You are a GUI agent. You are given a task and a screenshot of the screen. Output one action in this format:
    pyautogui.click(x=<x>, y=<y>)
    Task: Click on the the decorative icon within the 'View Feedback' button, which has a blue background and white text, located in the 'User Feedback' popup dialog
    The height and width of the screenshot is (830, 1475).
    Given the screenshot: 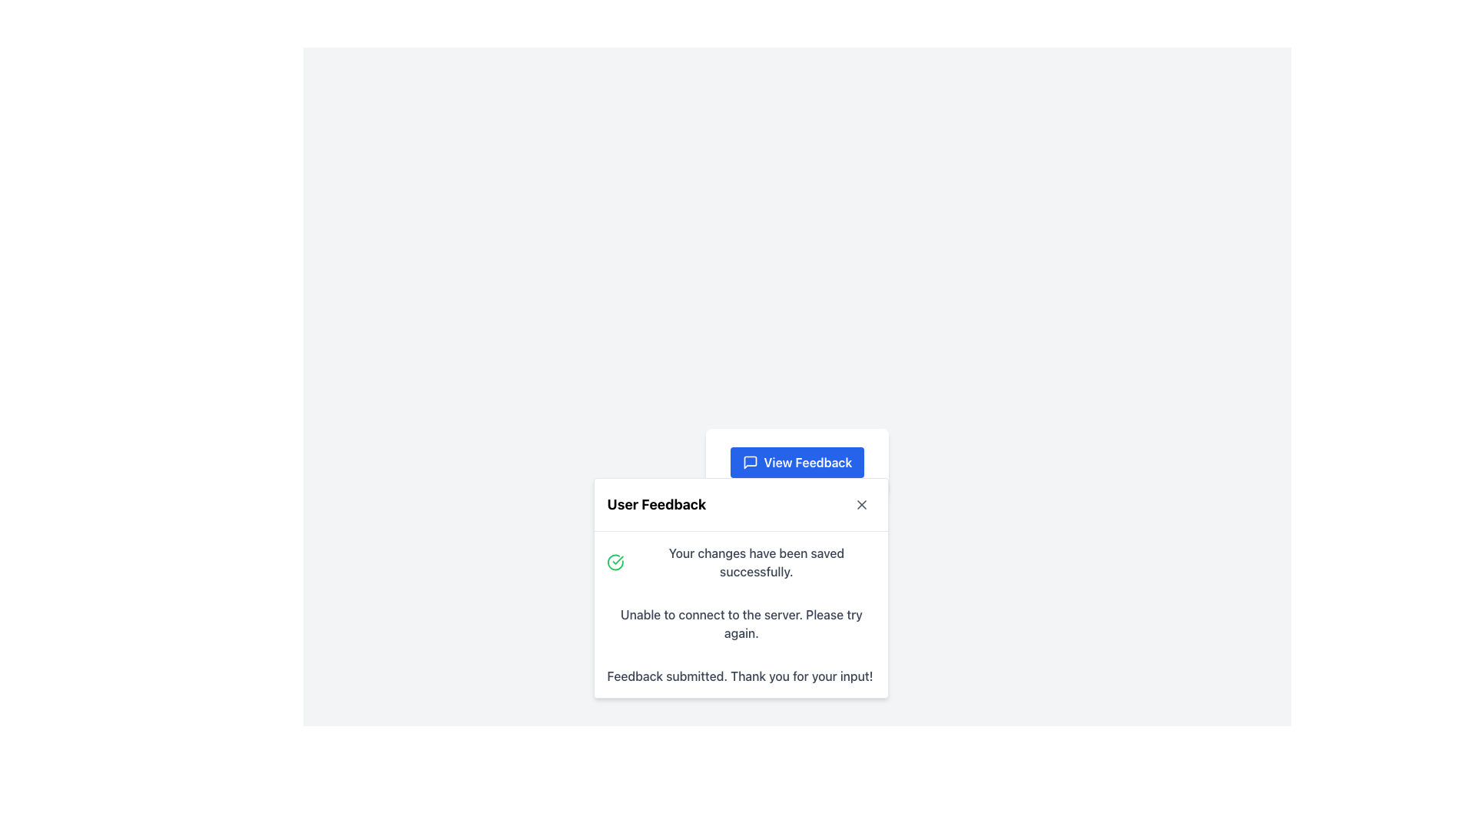 What is the action you would take?
    pyautogui.click(x=750, y=461)
    